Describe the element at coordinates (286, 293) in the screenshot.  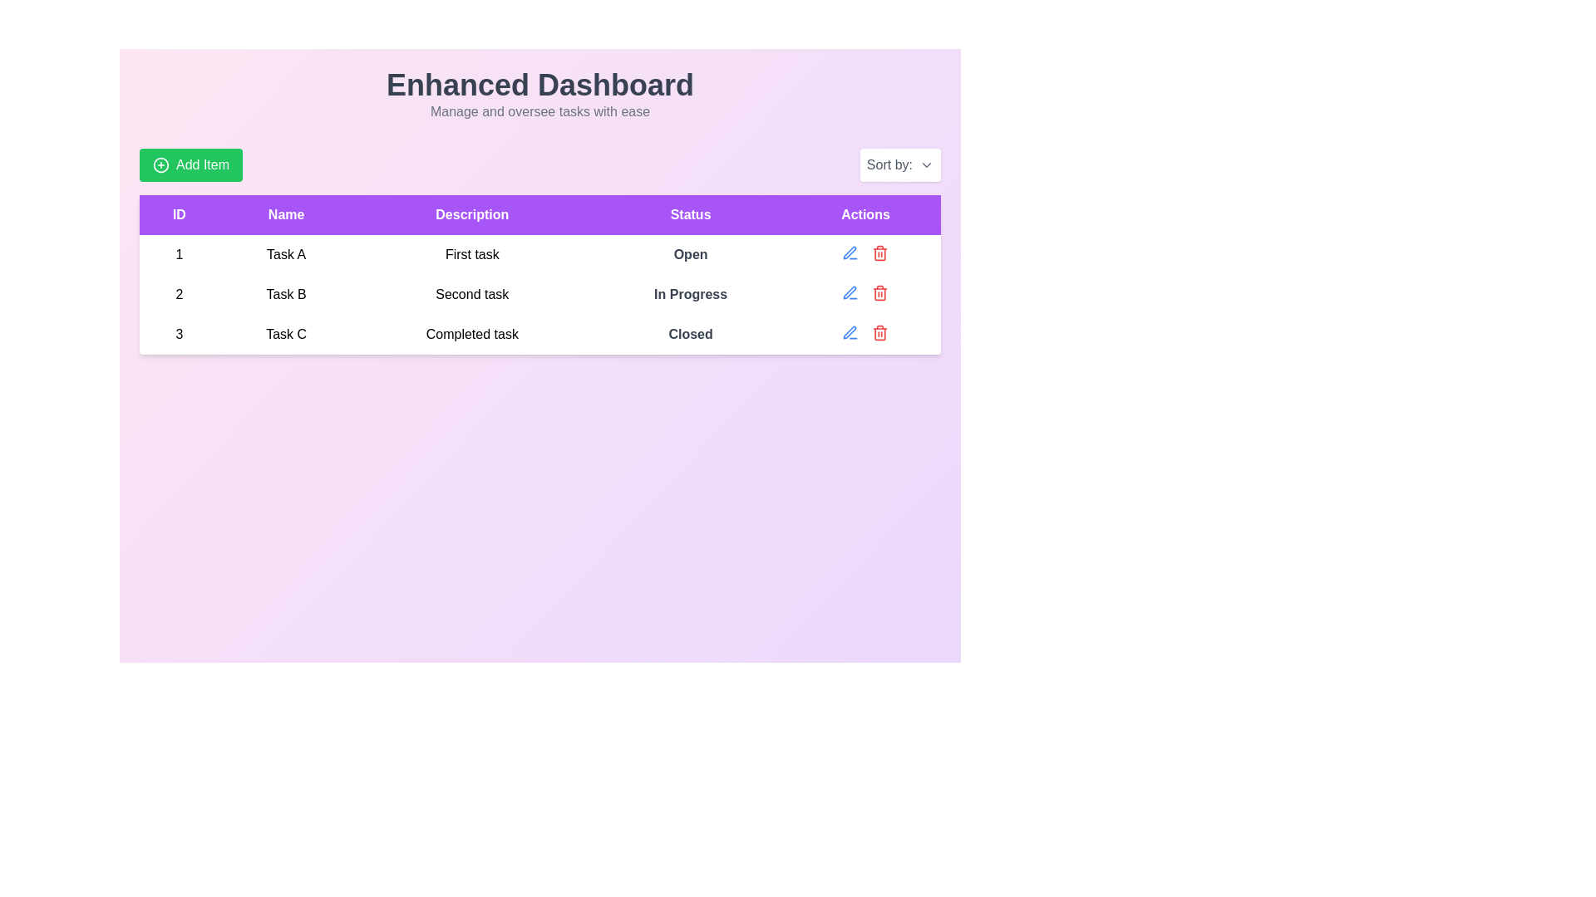
I see `the text component labeled 'Task B' in the second row of the table under the 'Name' column` at that location.